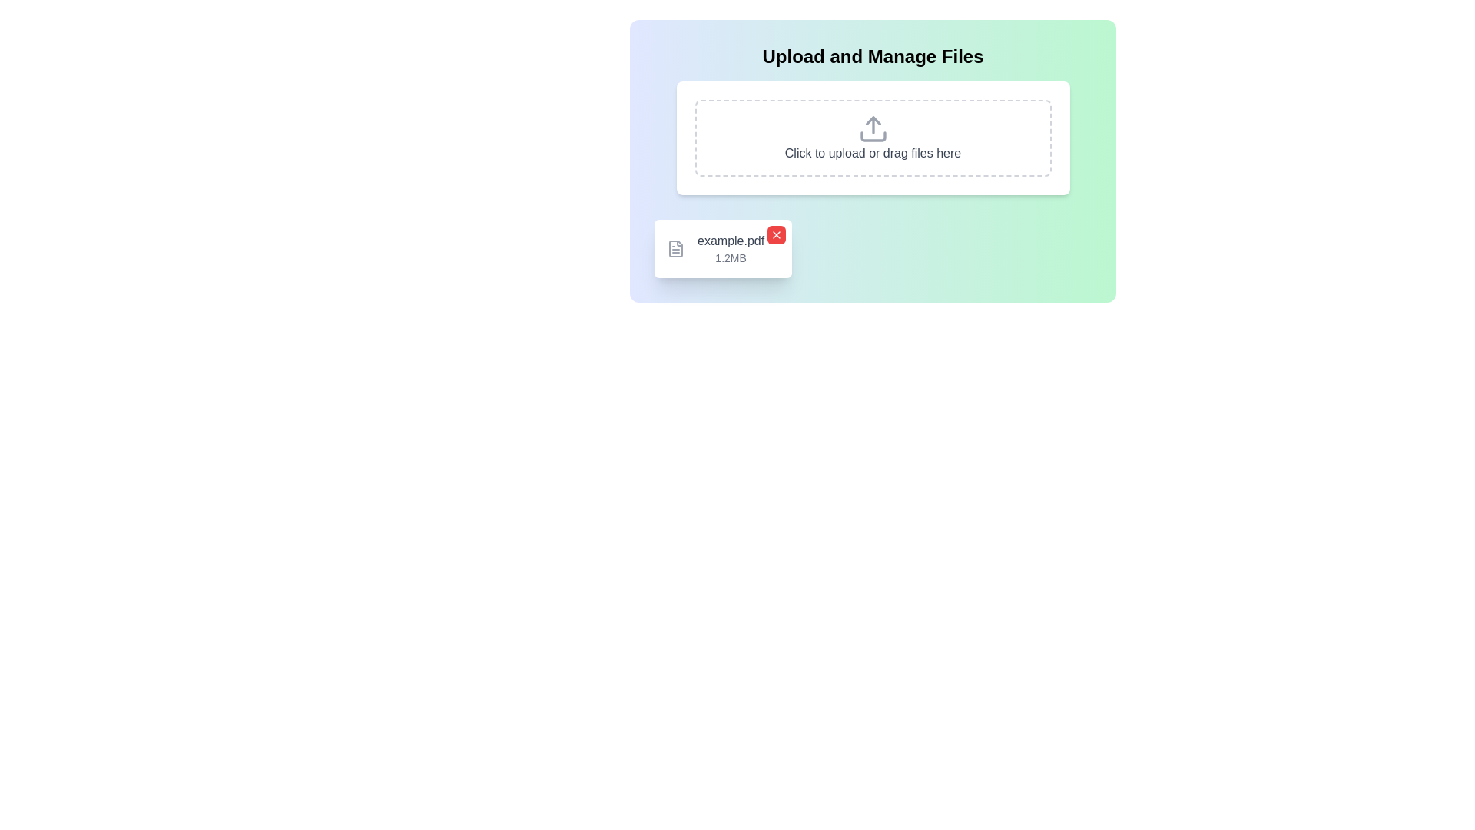  Describe the element at coordinates (730, 248) in the screenshot. I see `the static text display showing the name and size of the uploaded file, located beneath the file icon within the 'Upload and Manage Files' section` at that location.